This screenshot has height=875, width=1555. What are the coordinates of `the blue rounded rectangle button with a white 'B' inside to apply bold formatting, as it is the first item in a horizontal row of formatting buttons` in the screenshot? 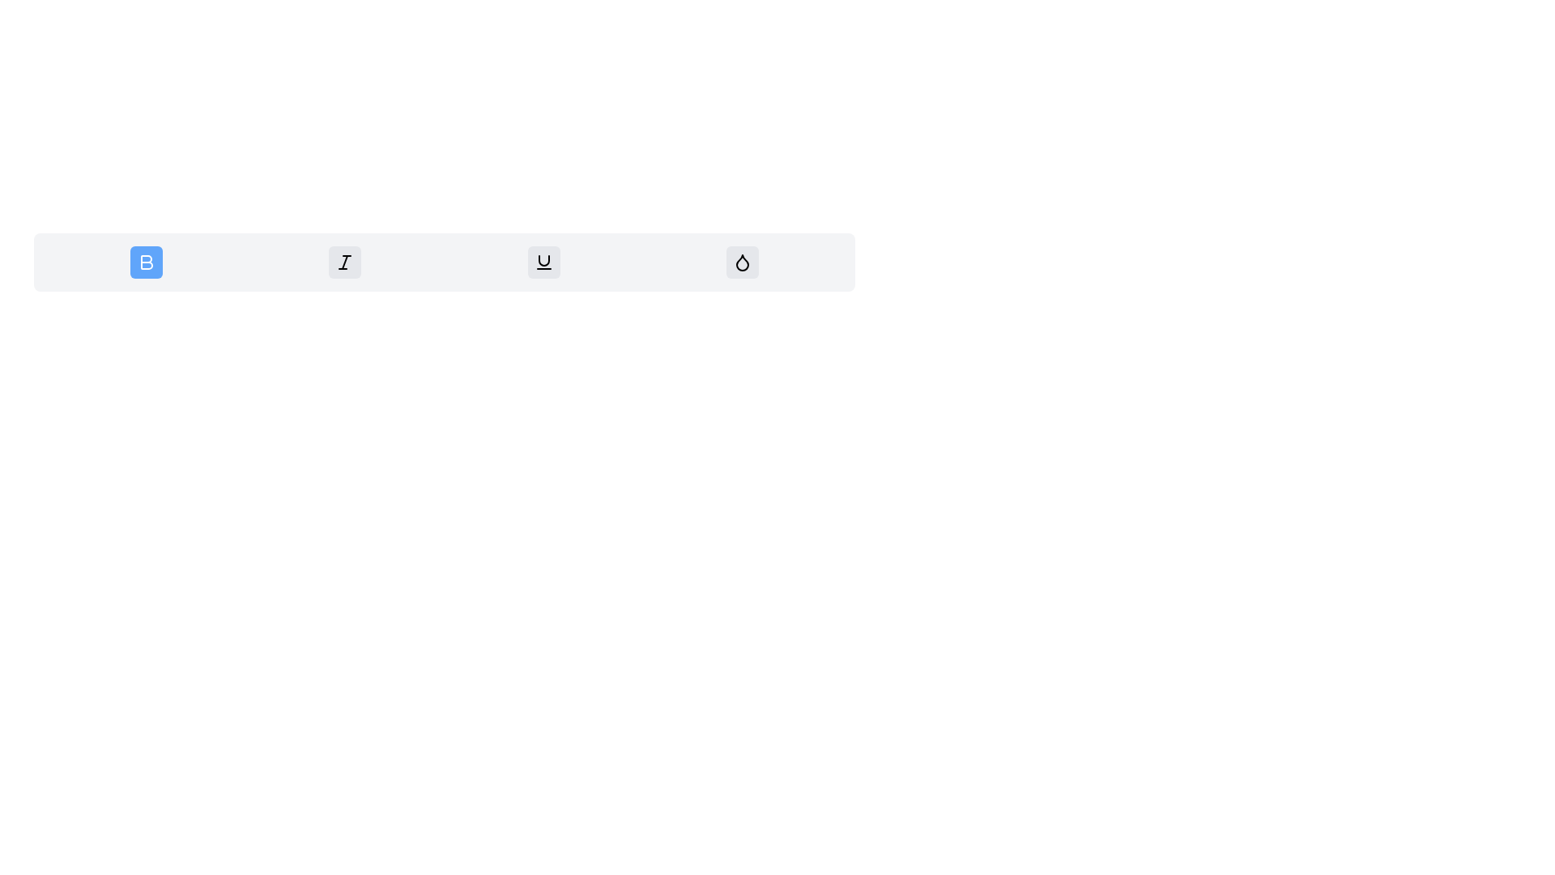 It's located at (146, 262).